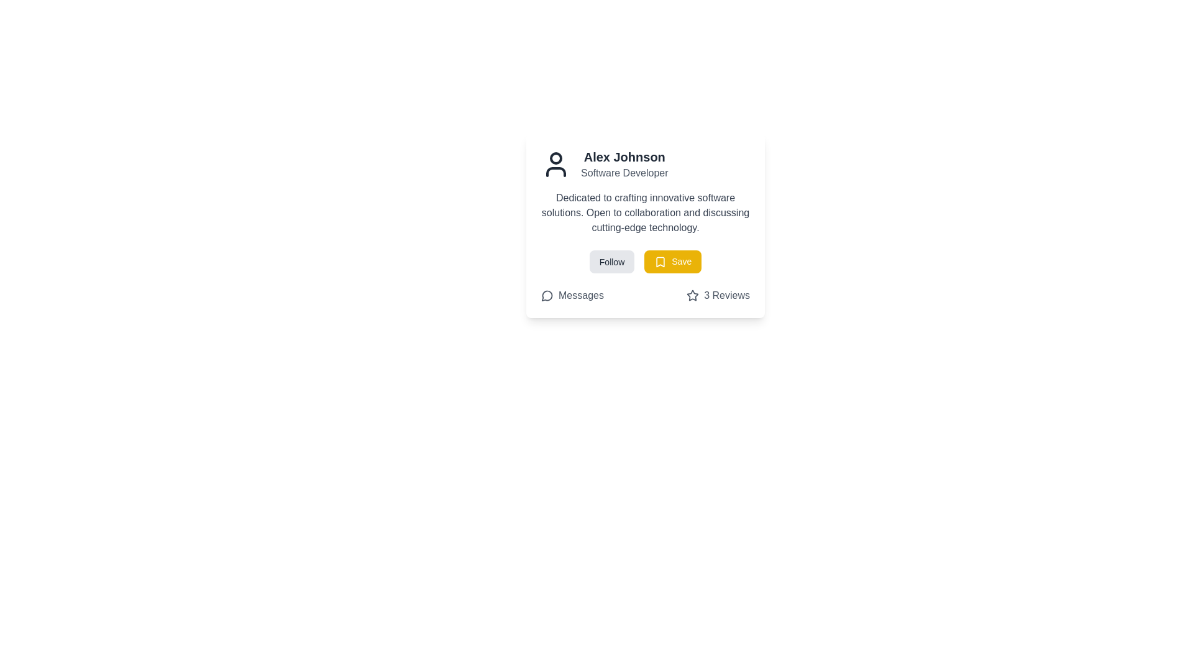 The image size is (1193, 671). Describe the element at coordinates (660, 262) in the screenshot. I see `the 'Save' button icon for 'Alex Johnson'` at that location.